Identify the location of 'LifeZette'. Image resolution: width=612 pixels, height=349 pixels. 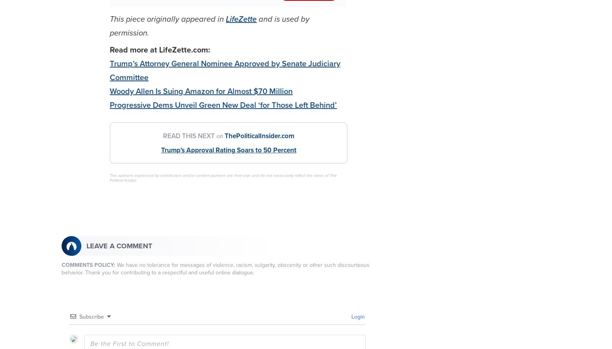
(225, 19).